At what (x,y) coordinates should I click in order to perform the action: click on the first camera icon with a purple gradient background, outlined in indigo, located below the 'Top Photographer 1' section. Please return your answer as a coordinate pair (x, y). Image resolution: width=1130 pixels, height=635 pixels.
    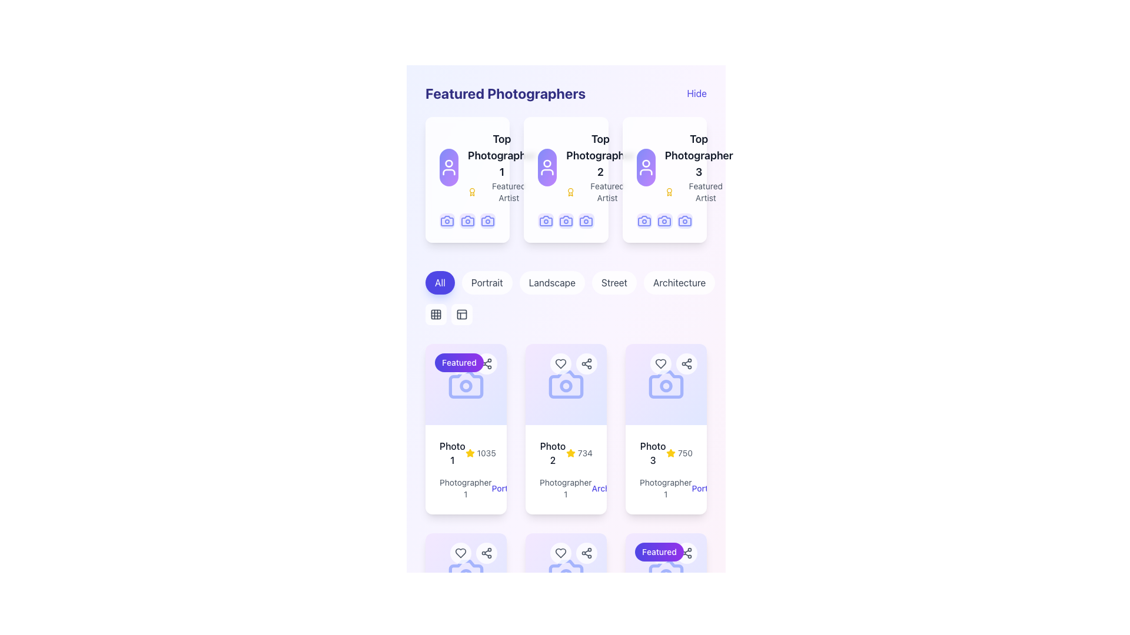
    Looking at the image, I should click on (447, 221).